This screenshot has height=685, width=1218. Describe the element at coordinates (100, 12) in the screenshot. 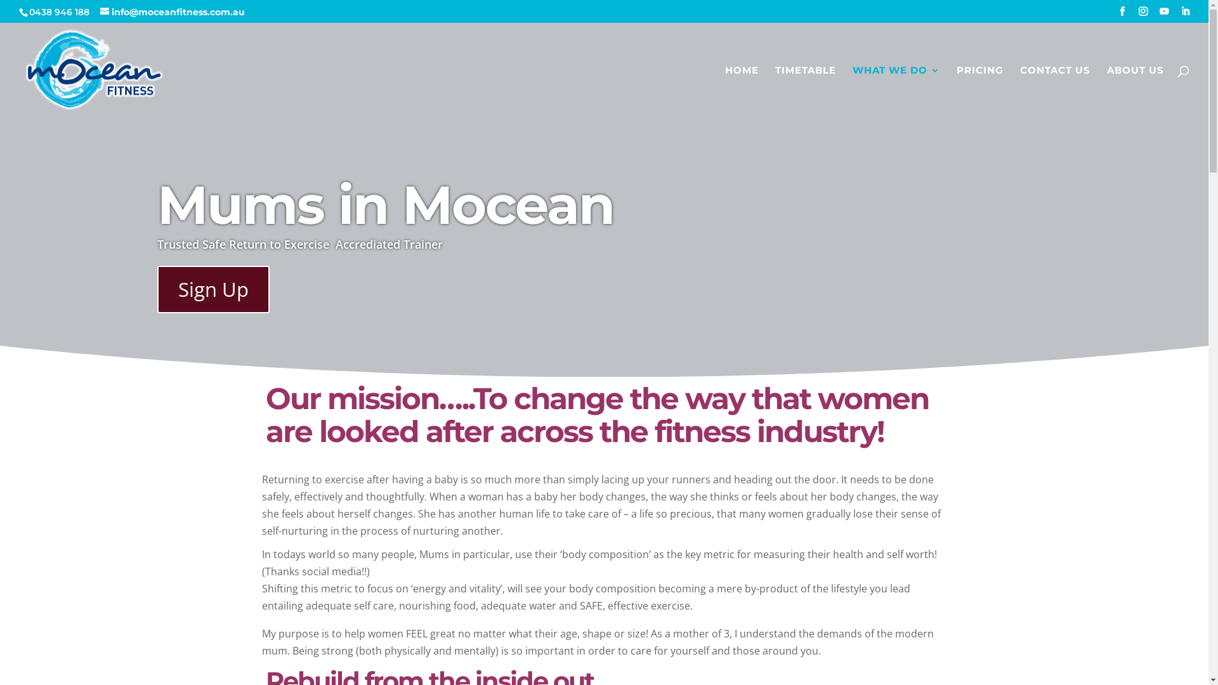

I see `'info@moceanfitness.com.au'` at that location.